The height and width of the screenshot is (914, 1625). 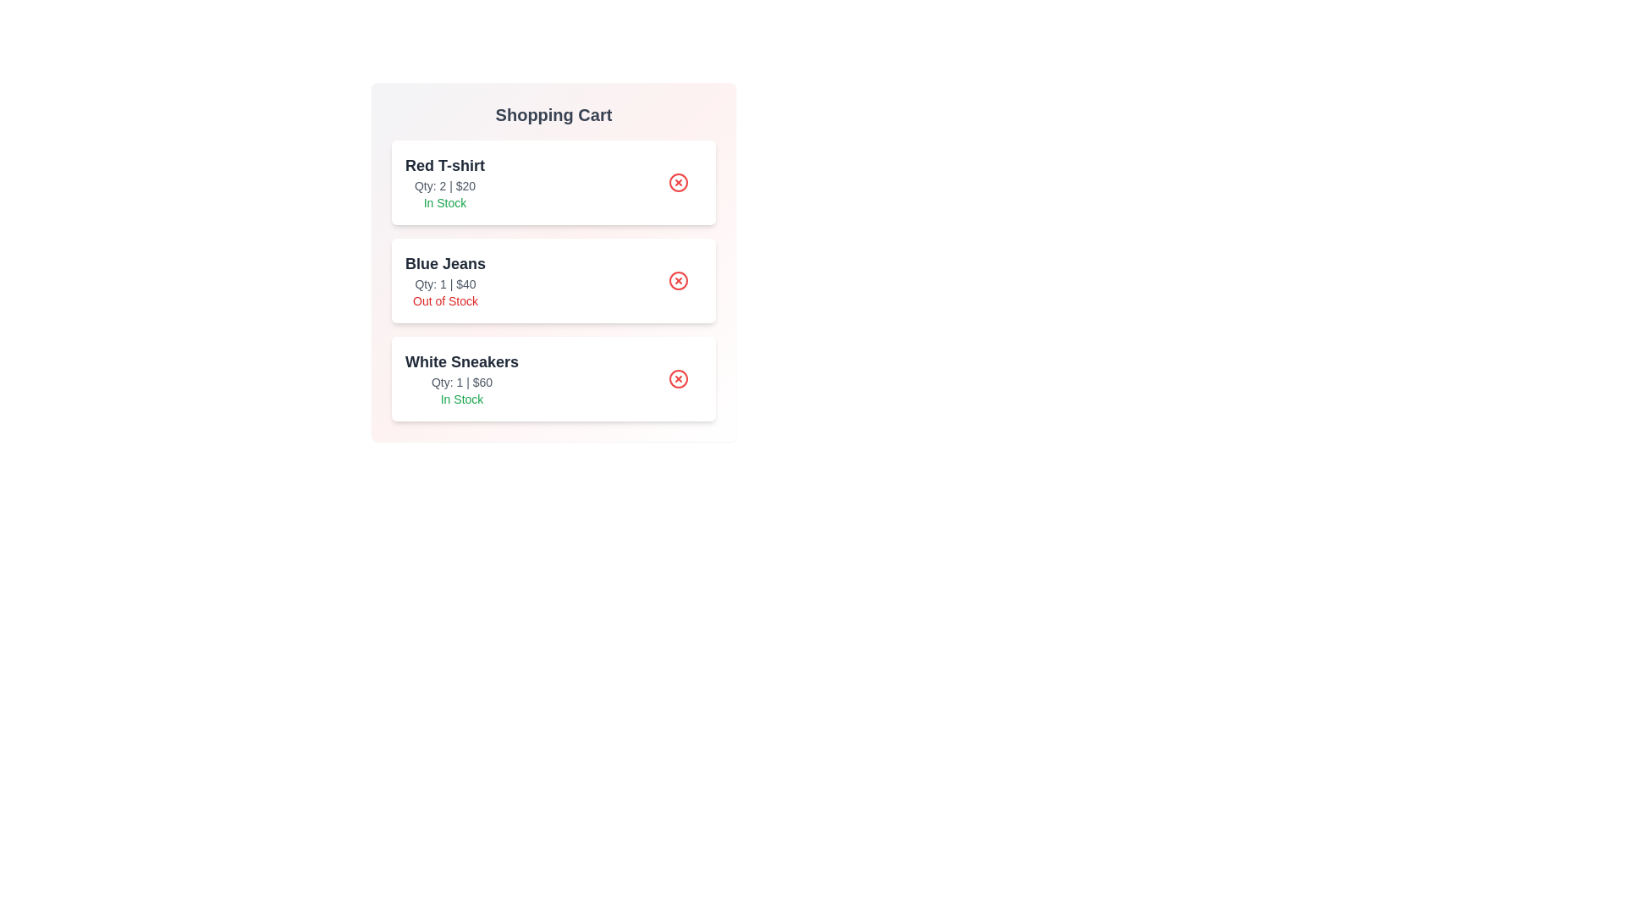 What do you see at coordinates (678, 279) in the screenshot?
I see `remove button for the item Blue Jeans in the shopping cart` at bounding box center [678, 279].